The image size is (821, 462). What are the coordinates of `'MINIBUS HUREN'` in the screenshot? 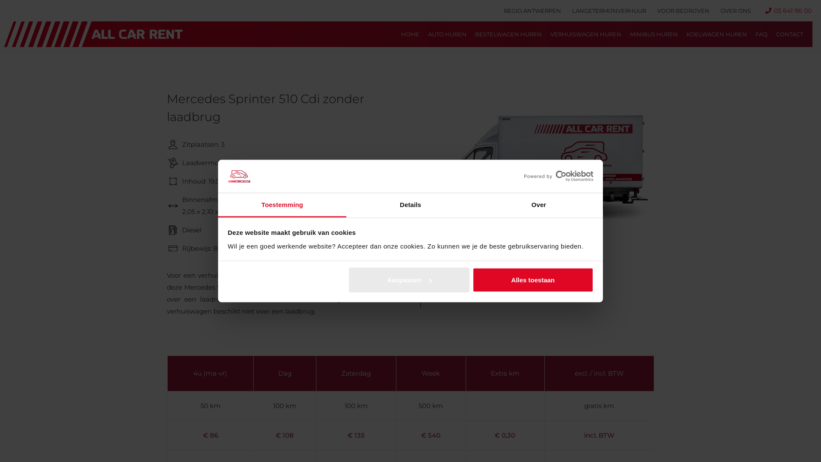 It's located at (653, 34).